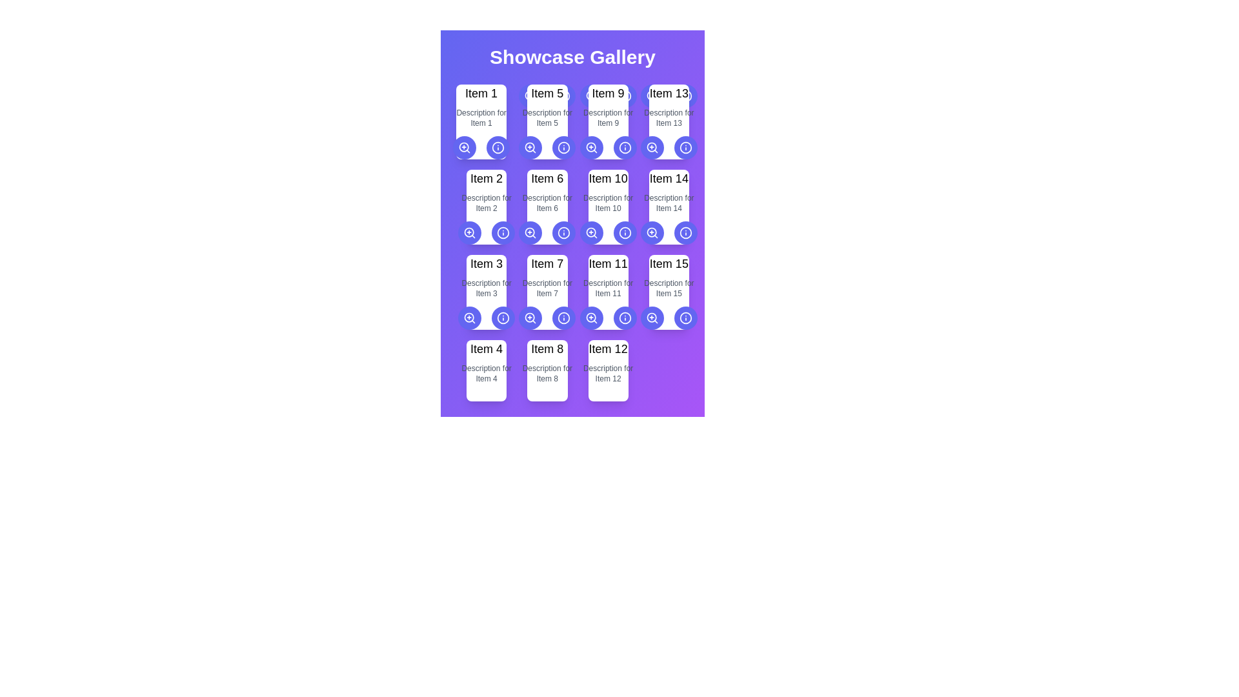  Describe the element at coordinates (669, 288) in the screenshot. I see `the text label stating 'Description for Item 15', which is styled with a small gray font and located directly beneath the title 'Item 15' in the showcase grid` at that location.